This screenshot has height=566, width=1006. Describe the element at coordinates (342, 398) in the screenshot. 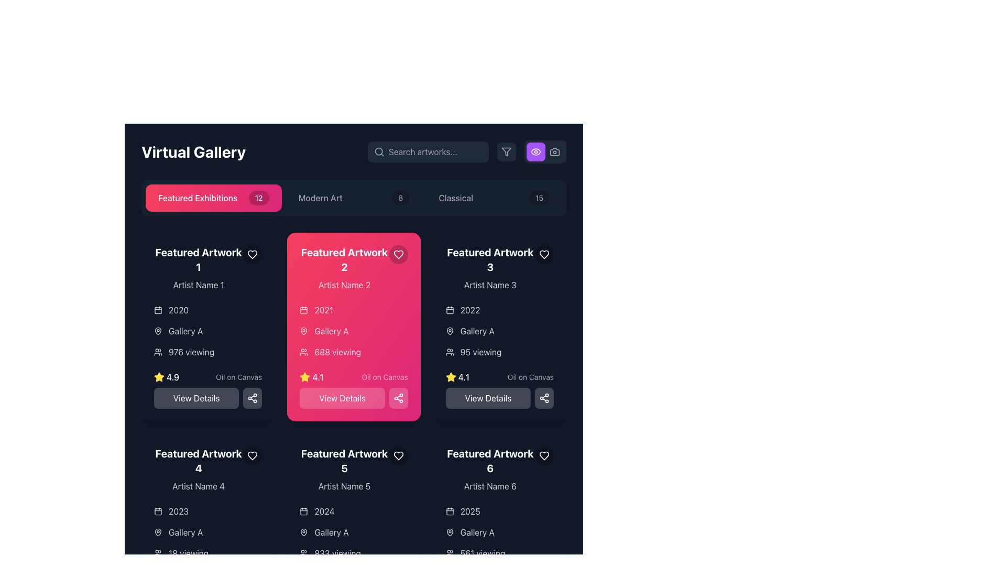

I see `the 'View Details' button located at the bottom-center of the 'Featured Artwork 2' card` at that location.